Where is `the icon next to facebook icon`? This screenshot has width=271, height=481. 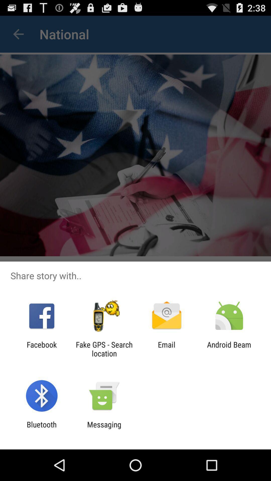
the icon next to facebook icon is located at coordinates (104, 349).